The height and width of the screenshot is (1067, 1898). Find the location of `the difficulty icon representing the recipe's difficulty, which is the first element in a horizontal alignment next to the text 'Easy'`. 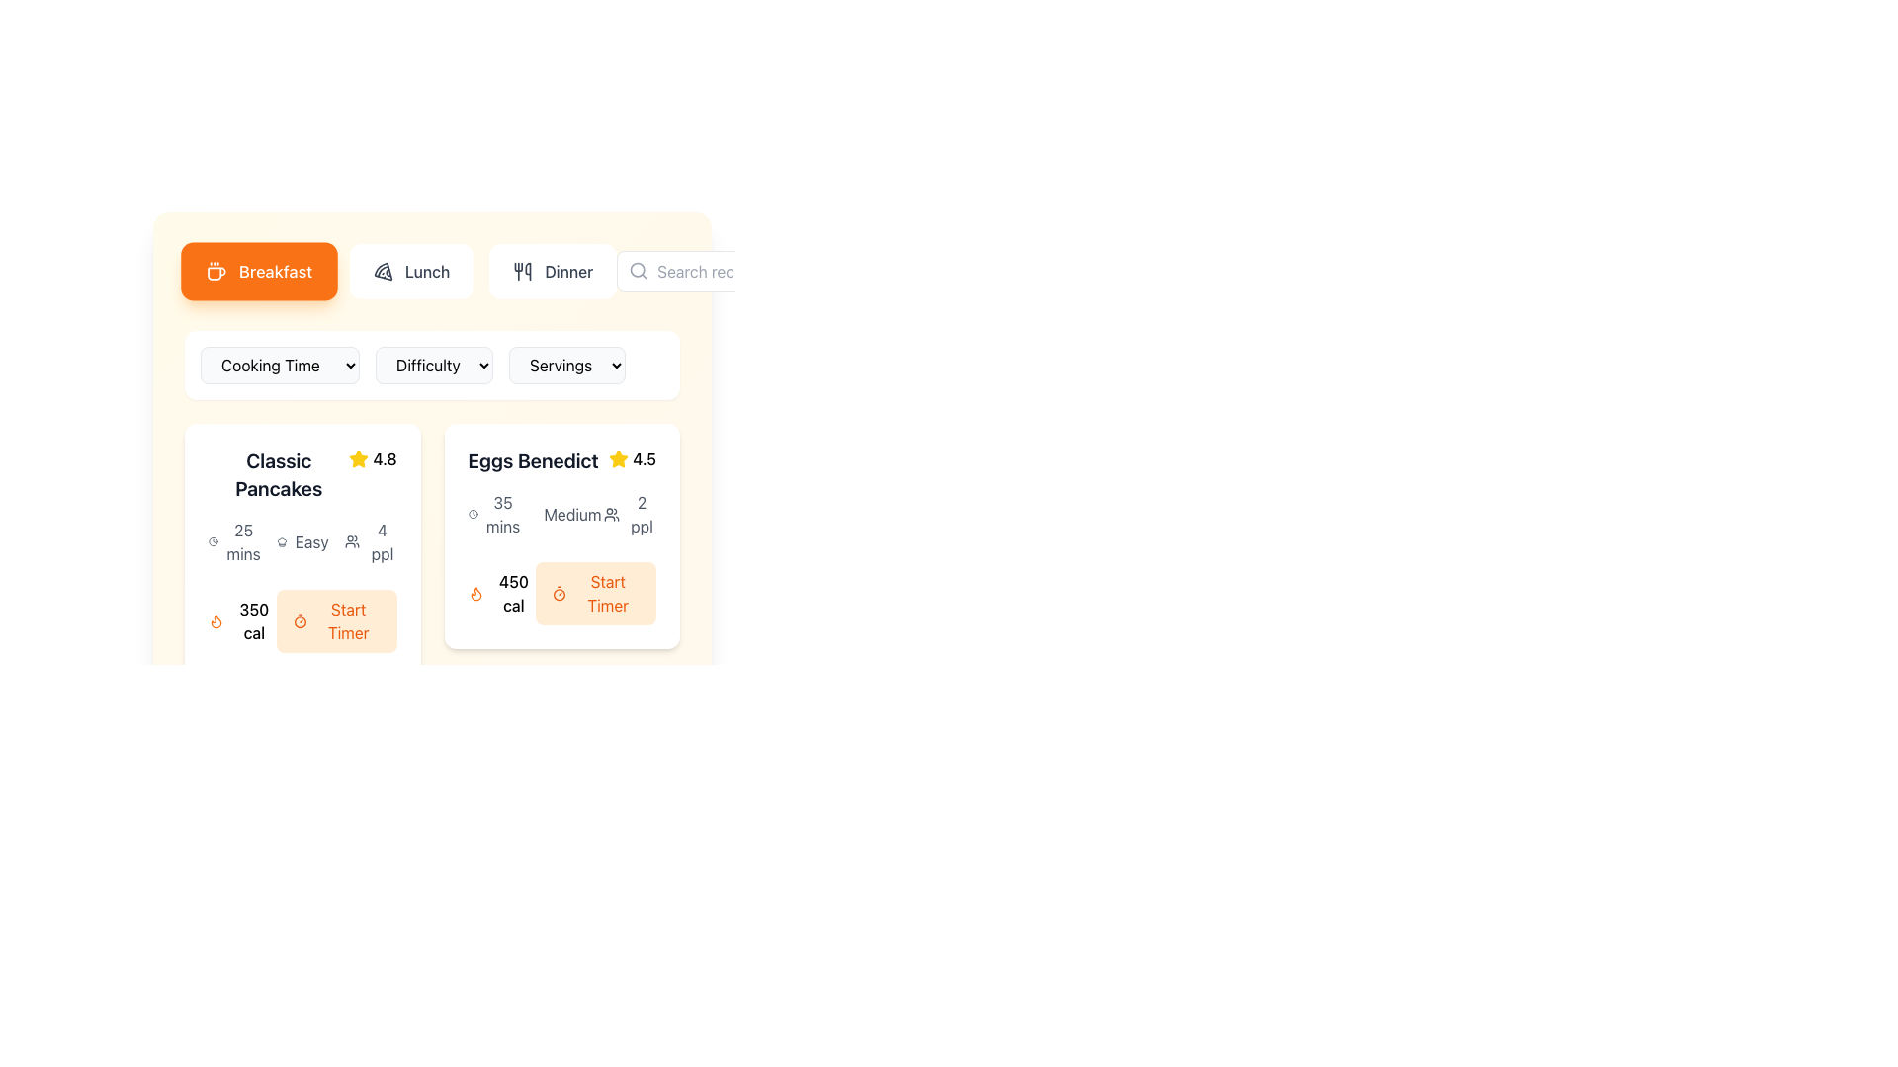

the difficulty icon representing the recipe's difficulty, which is the first element in a horizontal alignment next to the text 'Easy' is located at coordinates (281, 541).